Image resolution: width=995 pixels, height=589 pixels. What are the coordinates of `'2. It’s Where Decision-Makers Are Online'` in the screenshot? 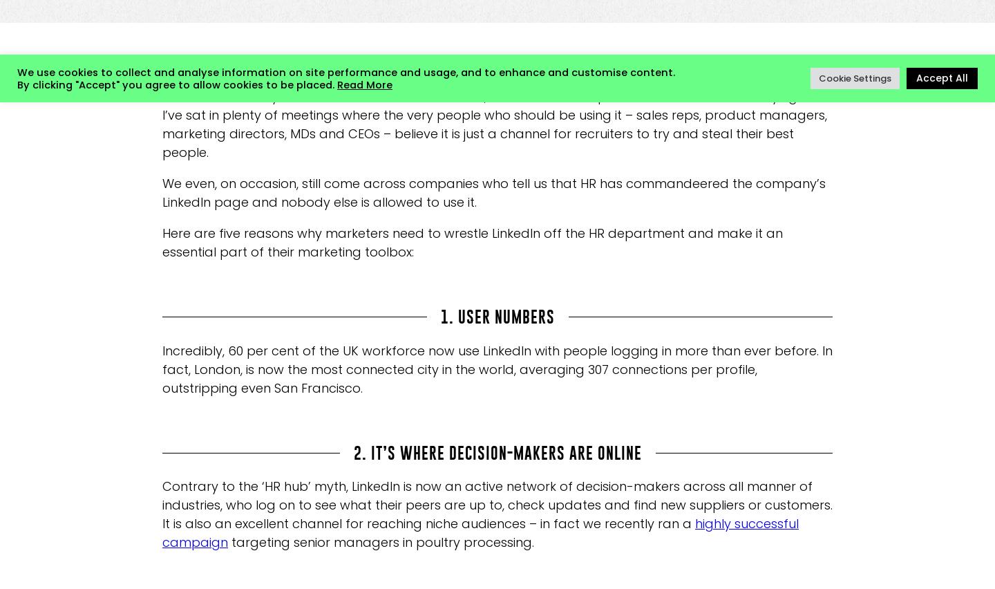 It's located at (497, 451).